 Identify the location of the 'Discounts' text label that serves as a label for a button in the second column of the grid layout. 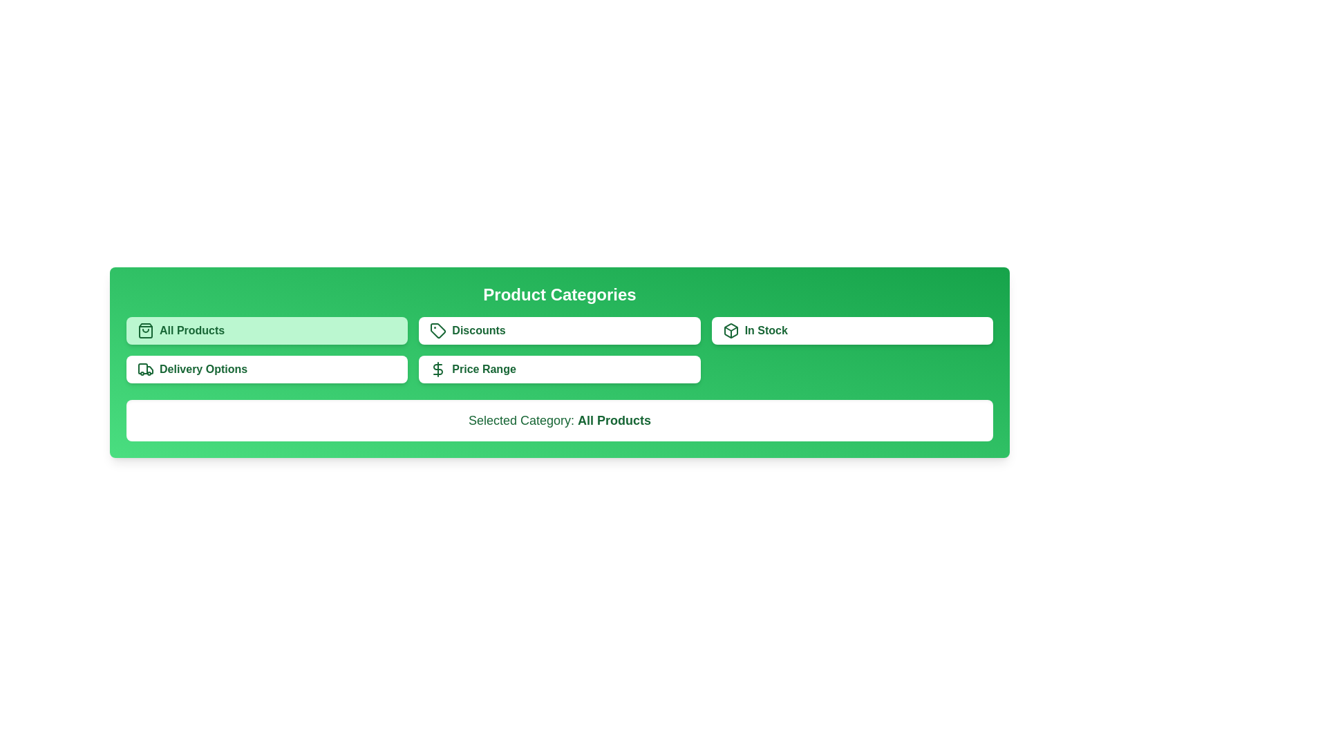
(478, 330).